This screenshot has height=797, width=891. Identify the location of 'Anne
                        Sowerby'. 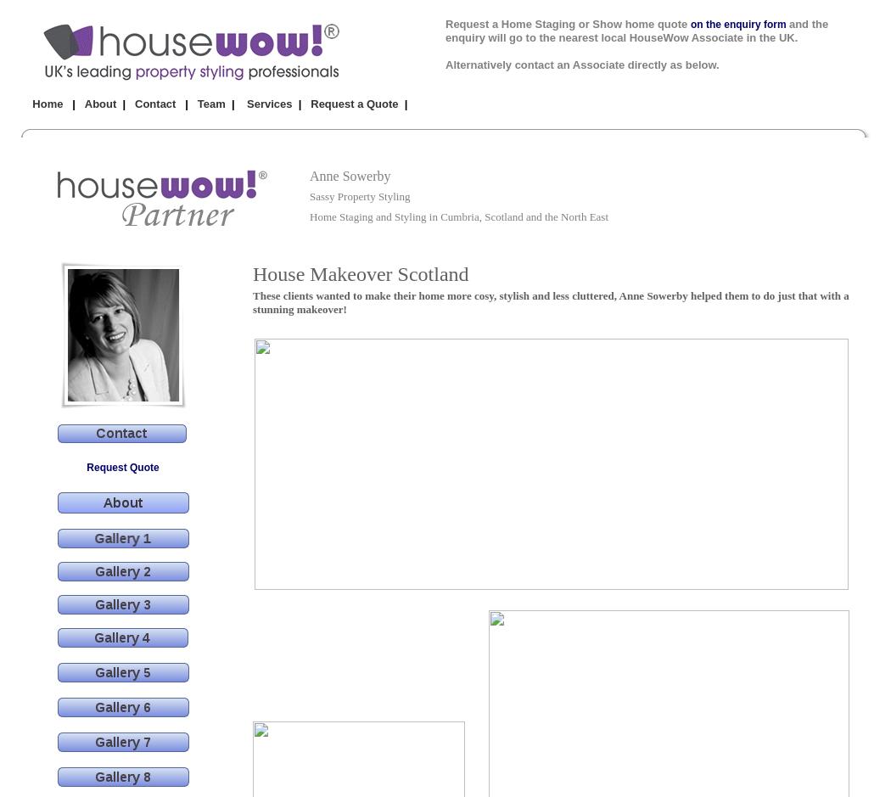
(350, 175).